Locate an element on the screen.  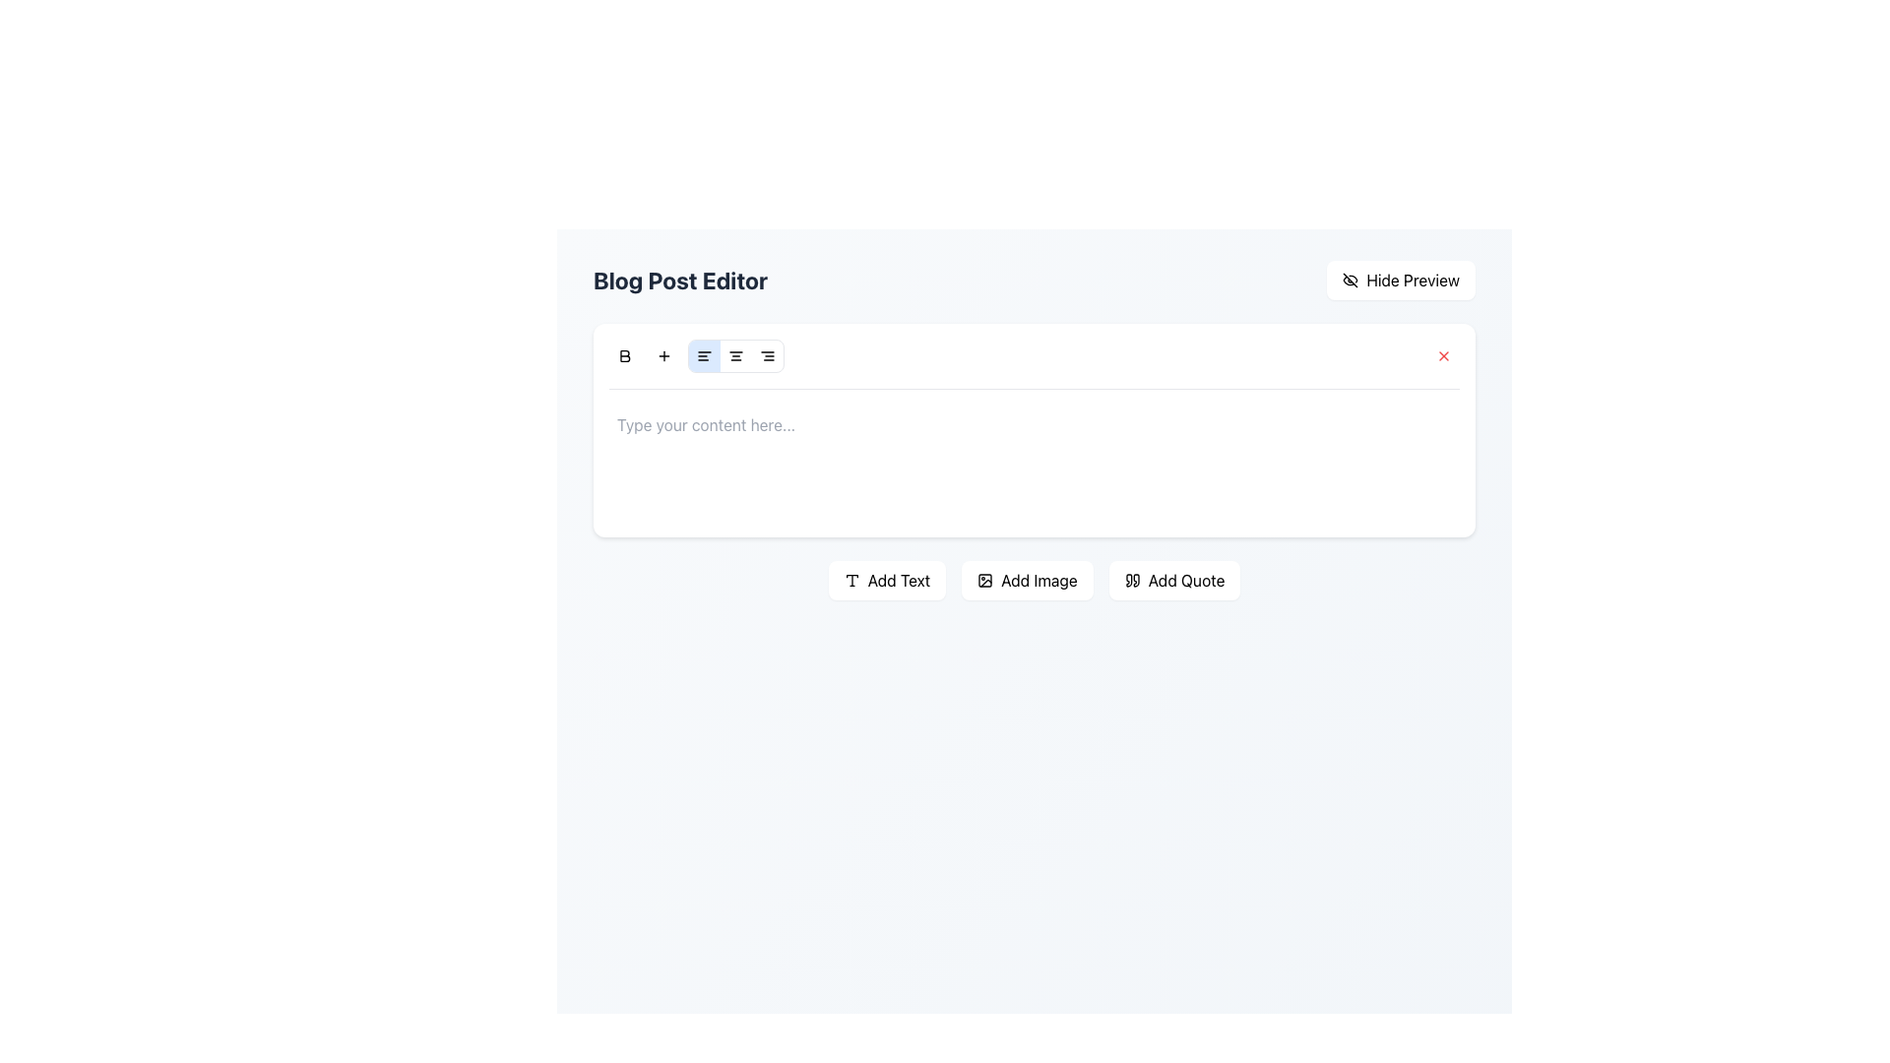
the center alignment button in the top toolbar of the Blog Post Editor to apply center alignment to the selected text or content is located at coordinates (735, 356).